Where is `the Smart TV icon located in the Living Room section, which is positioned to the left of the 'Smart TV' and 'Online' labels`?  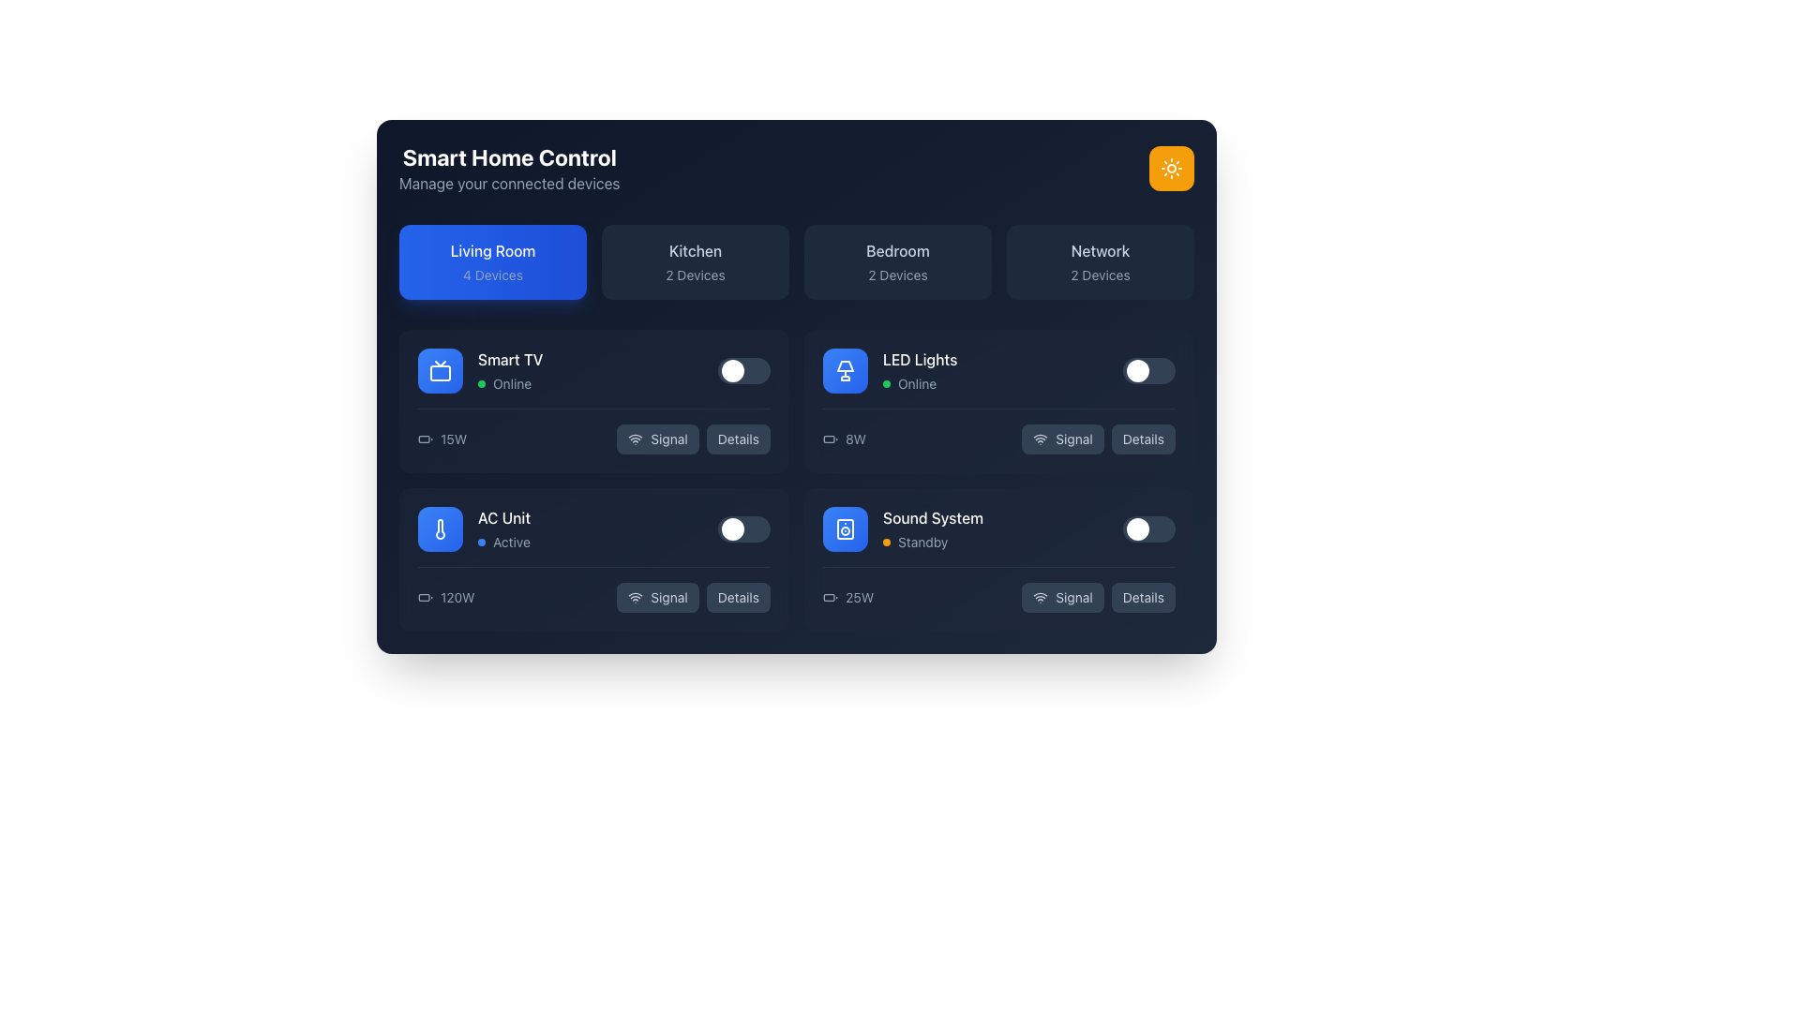 the Smart TV icon located in the Living Room section, which is positioned to the left of the 'Smart TV' and 'Online' labels is located at coordinates (440, 371).